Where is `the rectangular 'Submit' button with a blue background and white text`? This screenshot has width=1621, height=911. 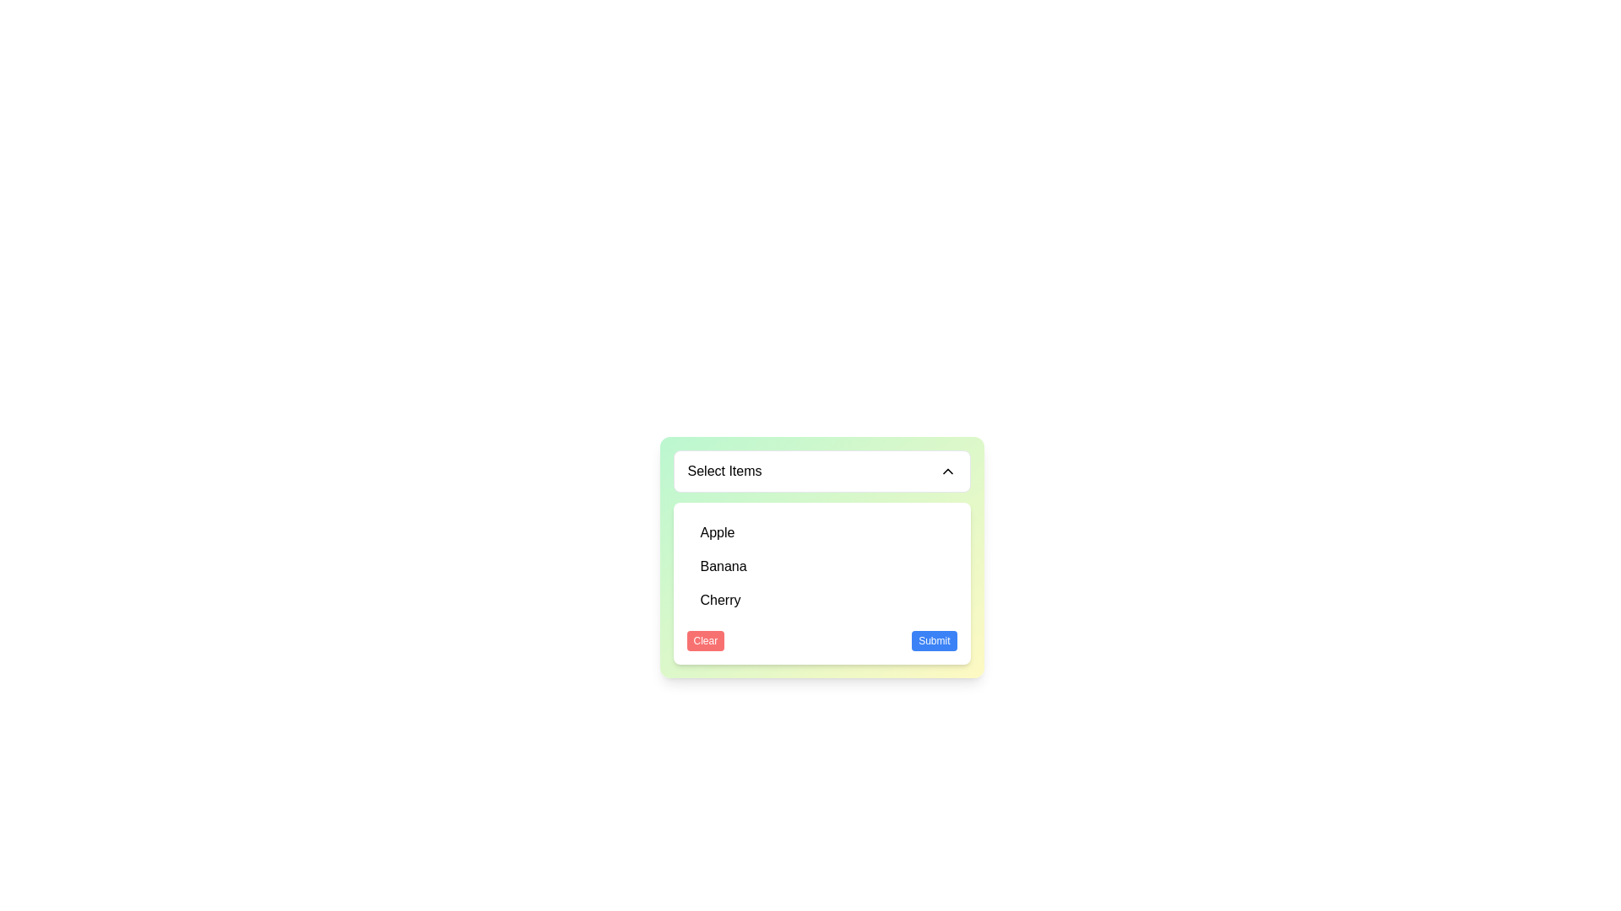 the rectangular 'Submit' button with a blue background and white text is located at coordinates (933, 640).